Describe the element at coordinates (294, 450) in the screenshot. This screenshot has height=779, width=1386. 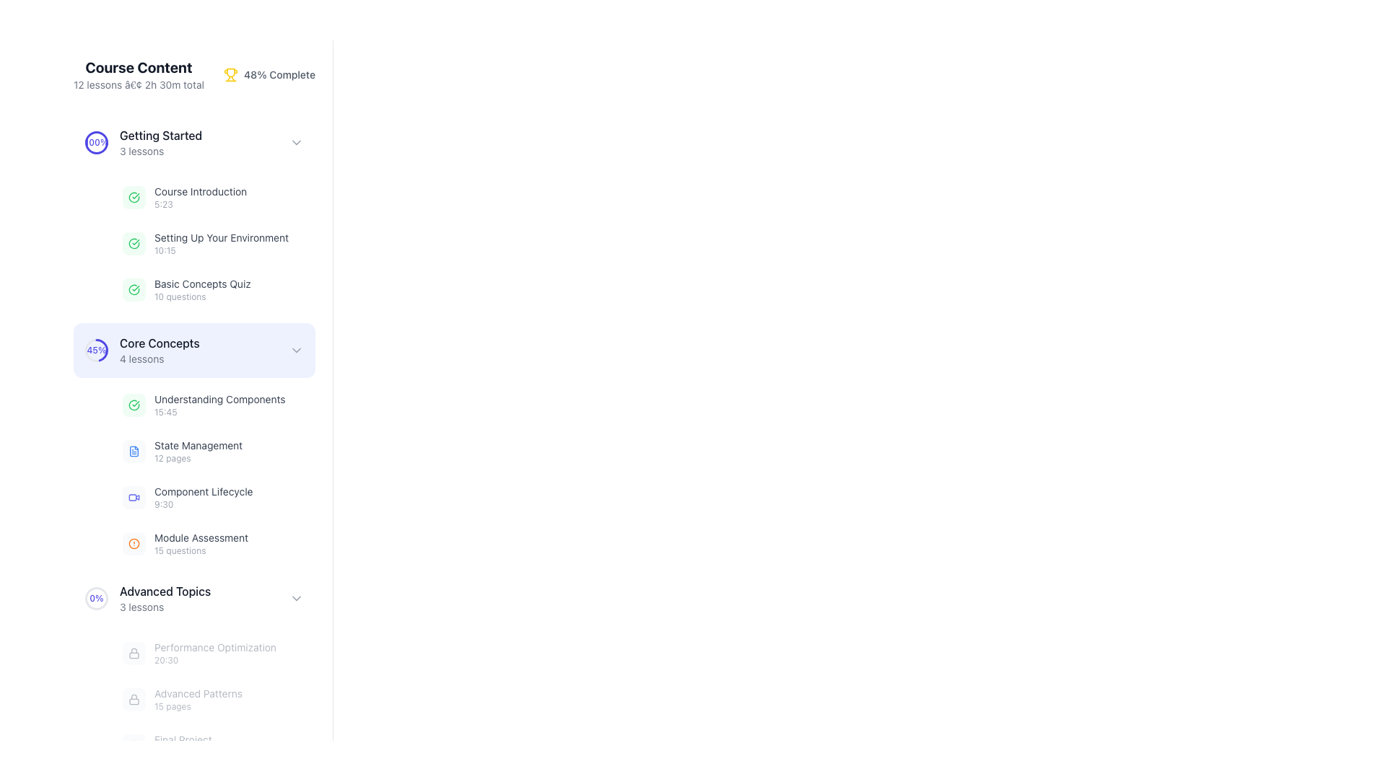
I see `the small, circular play button located on the right-hand side of the 'State Management' row in the 'Core Concepts' section` at that location.